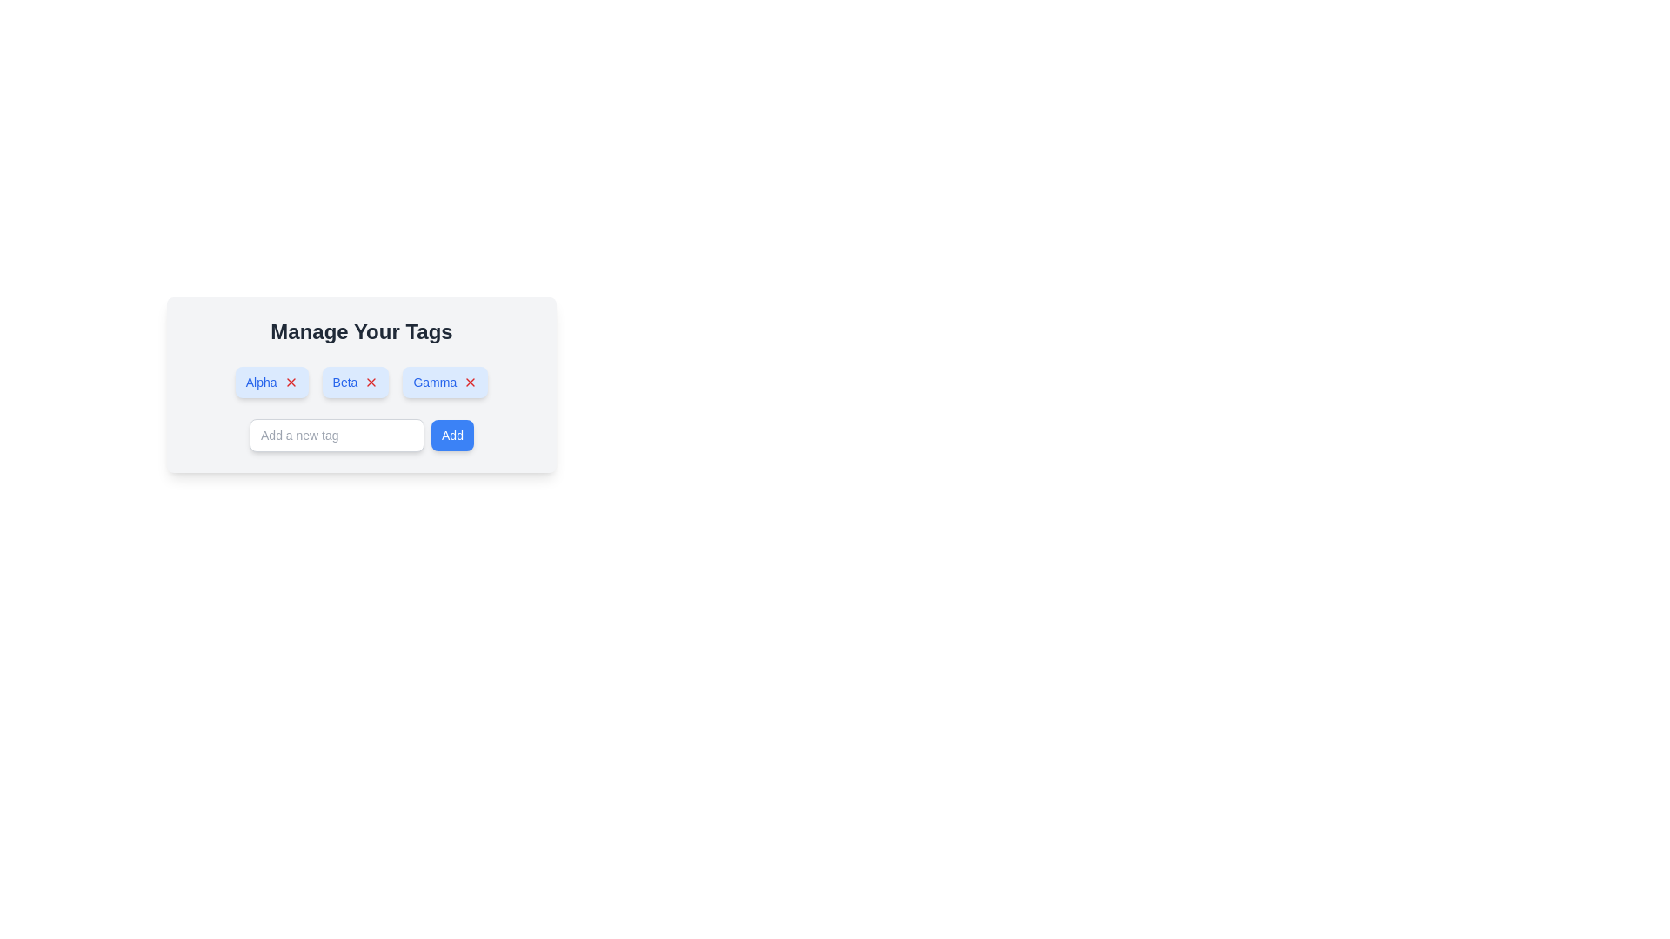 The image size is (1670, 939). What do you see at coordinates (337, 435) in the screenshot?
I see `the text input field with a gray border and rounded corners, which has placeholder text 'Add a new tag'` at bounding box center [337, 435].